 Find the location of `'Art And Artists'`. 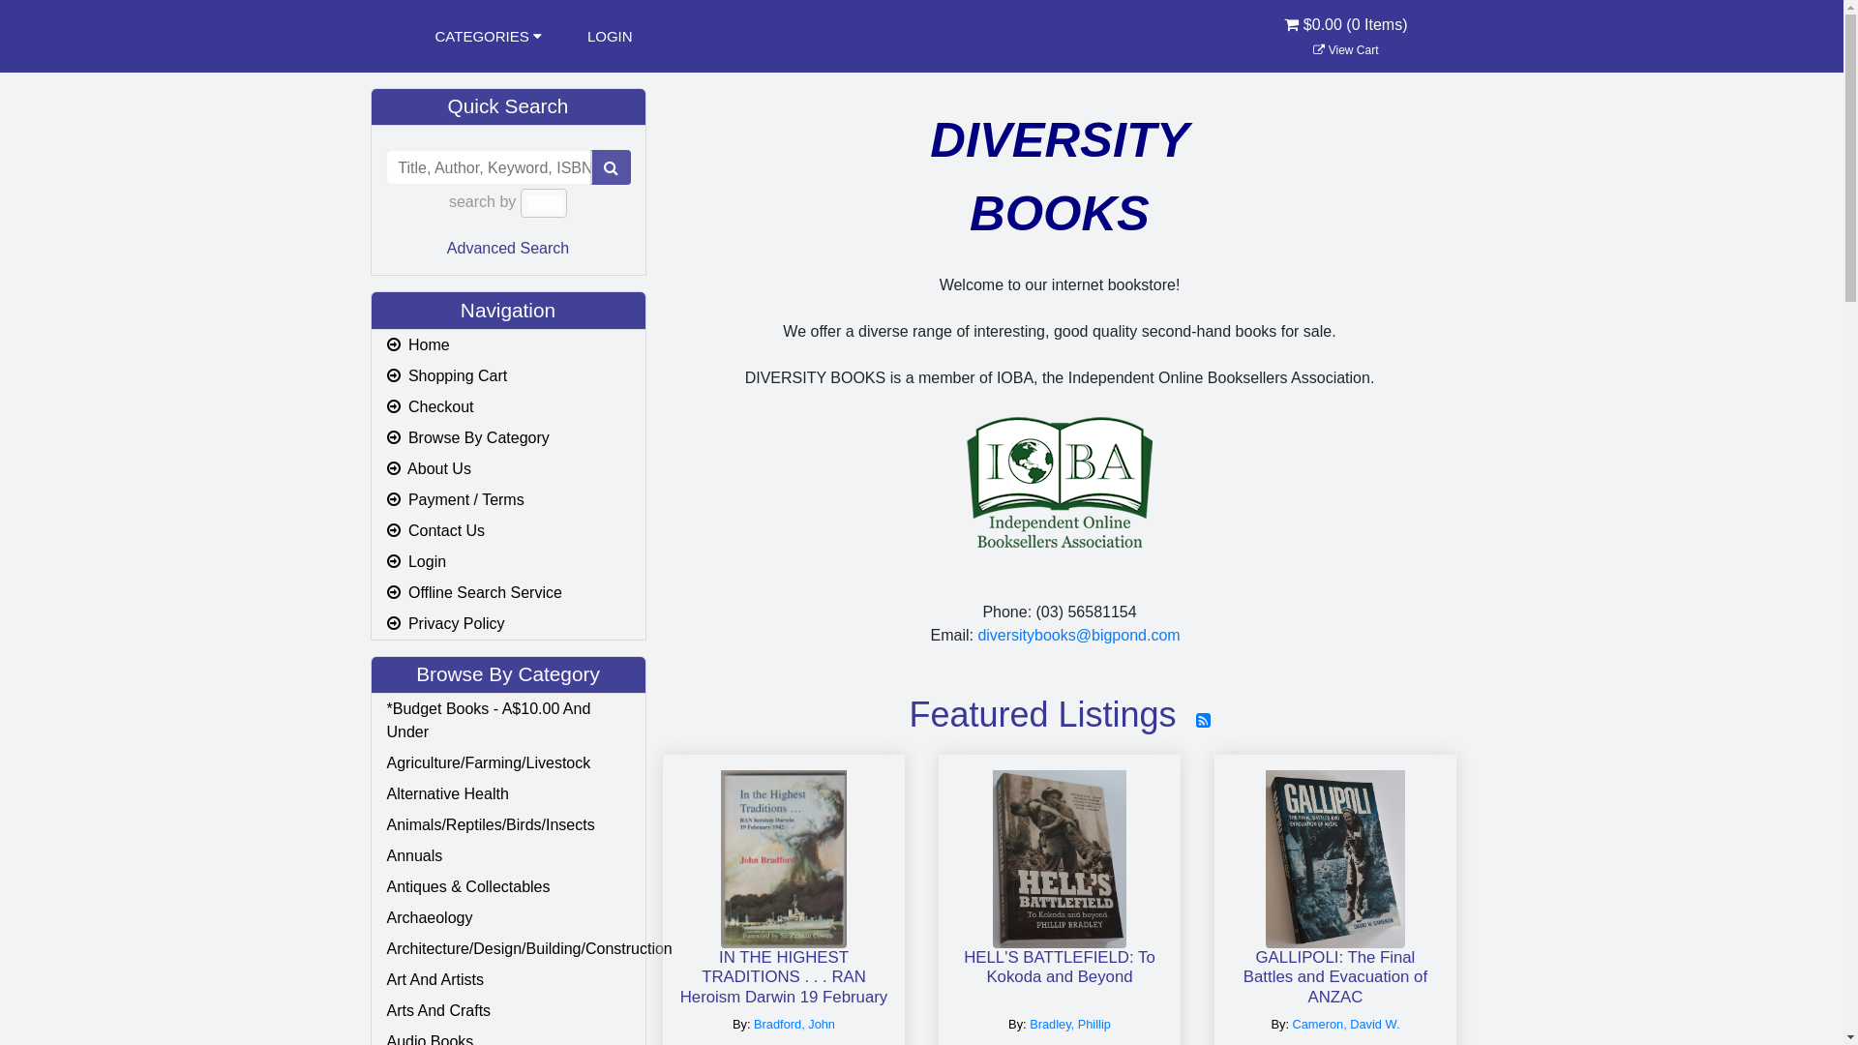

'Art And Artists' is located at coordinates (508, 980).